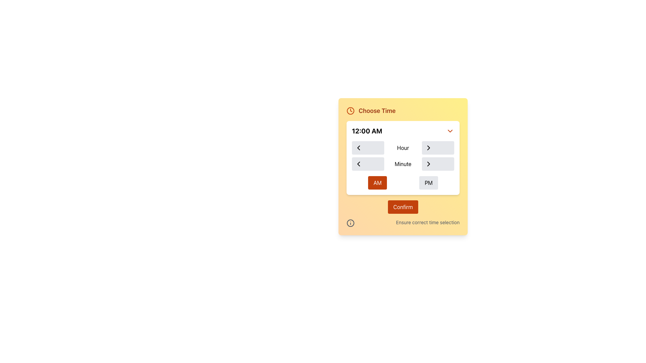 The height and width of the screenshot is (363, 646). I want to click on the text label displaying '12:00 AM' which is prominently styled in bold and large font on the left side of the time selection panel, so click(366, 131).